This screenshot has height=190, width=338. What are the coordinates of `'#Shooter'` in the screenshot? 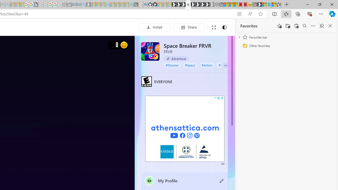 It's located at (172, 65).